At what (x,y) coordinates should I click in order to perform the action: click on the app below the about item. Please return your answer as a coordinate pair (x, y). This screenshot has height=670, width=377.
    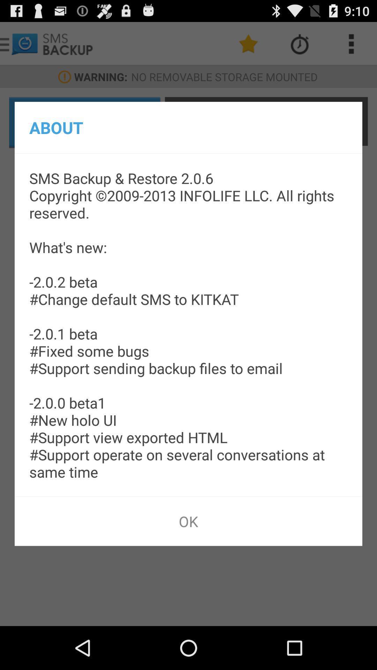
    Looking at the image, I should click on (188, 325).